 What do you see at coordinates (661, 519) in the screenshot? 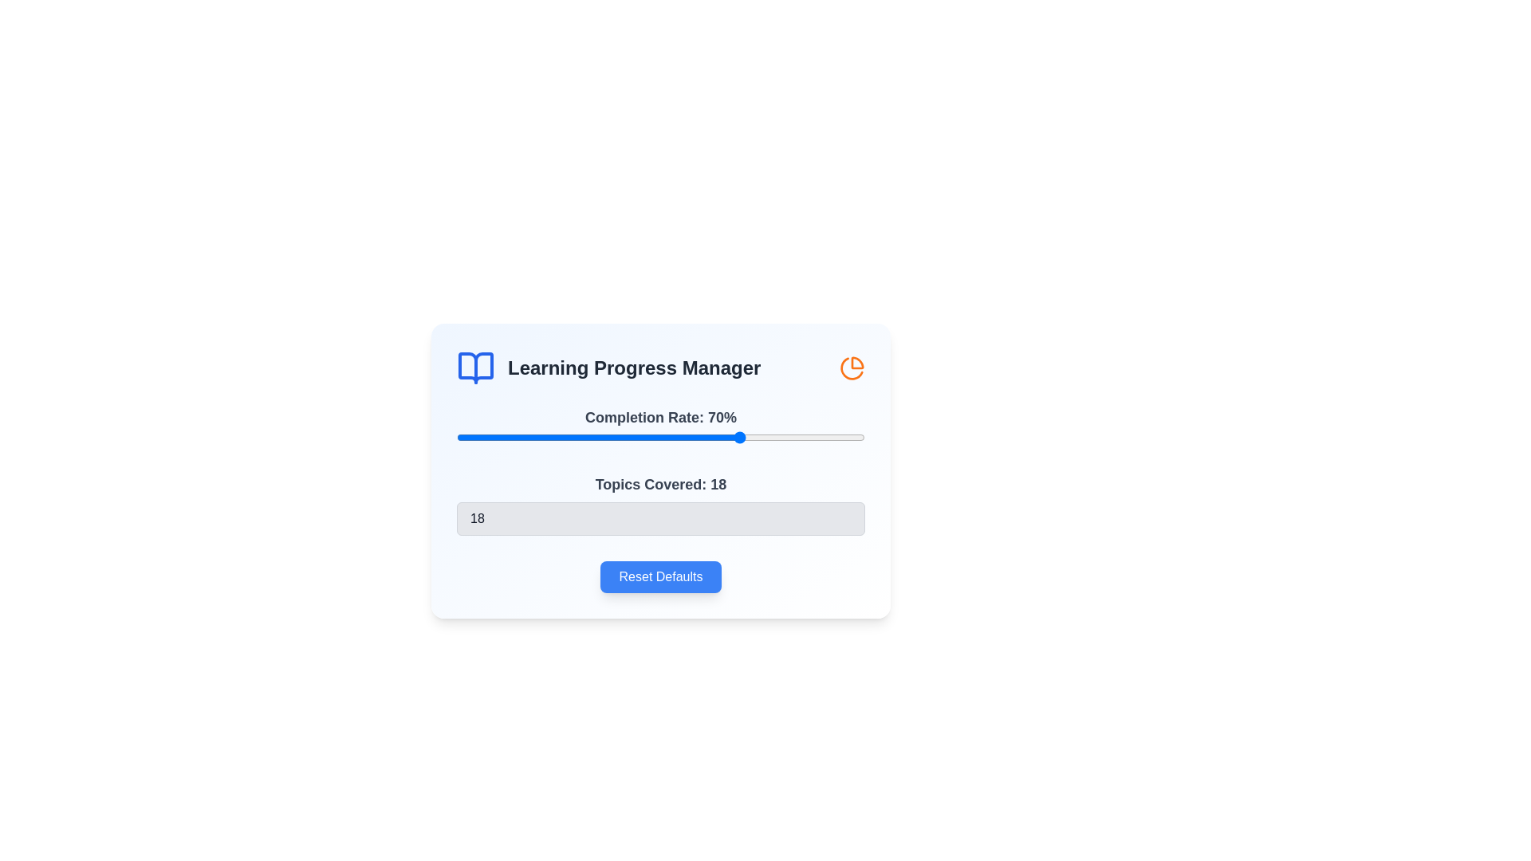
I see `the number of topics covered to 45 by entering the value in the input box` at bounding box center [661, 519].